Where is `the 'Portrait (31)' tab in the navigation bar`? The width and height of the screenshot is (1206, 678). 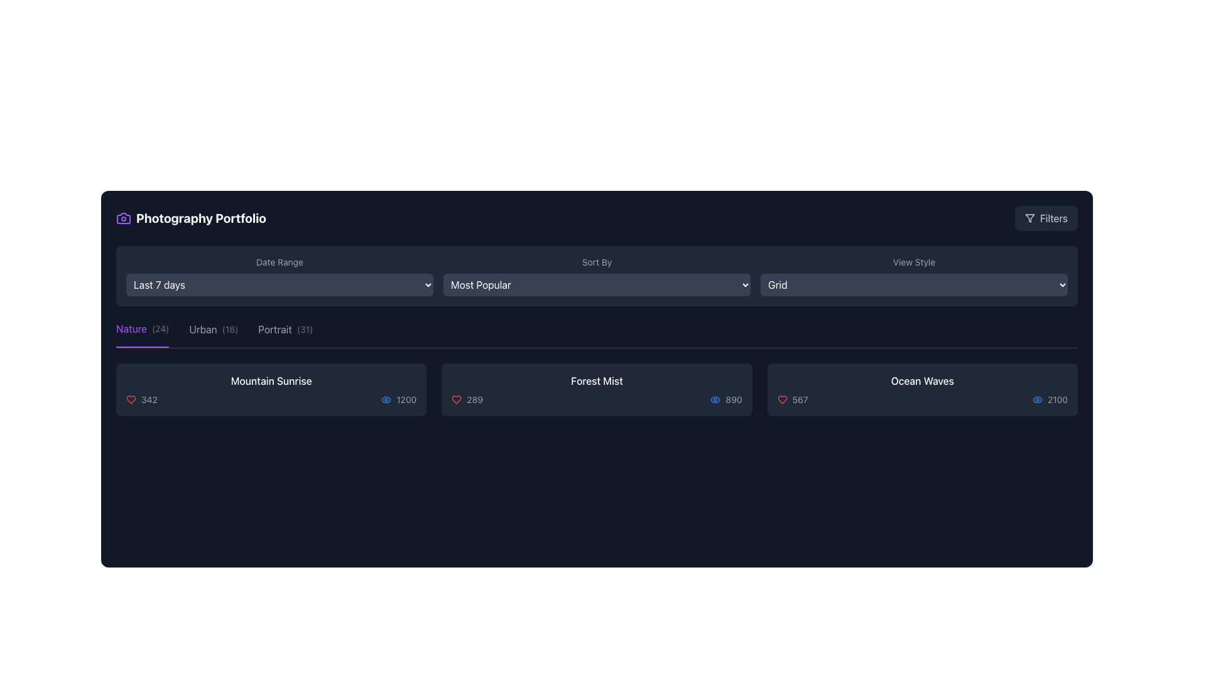 the 'Portrait (31)' tab in the navigation bar is located at coordinates (596, 334).